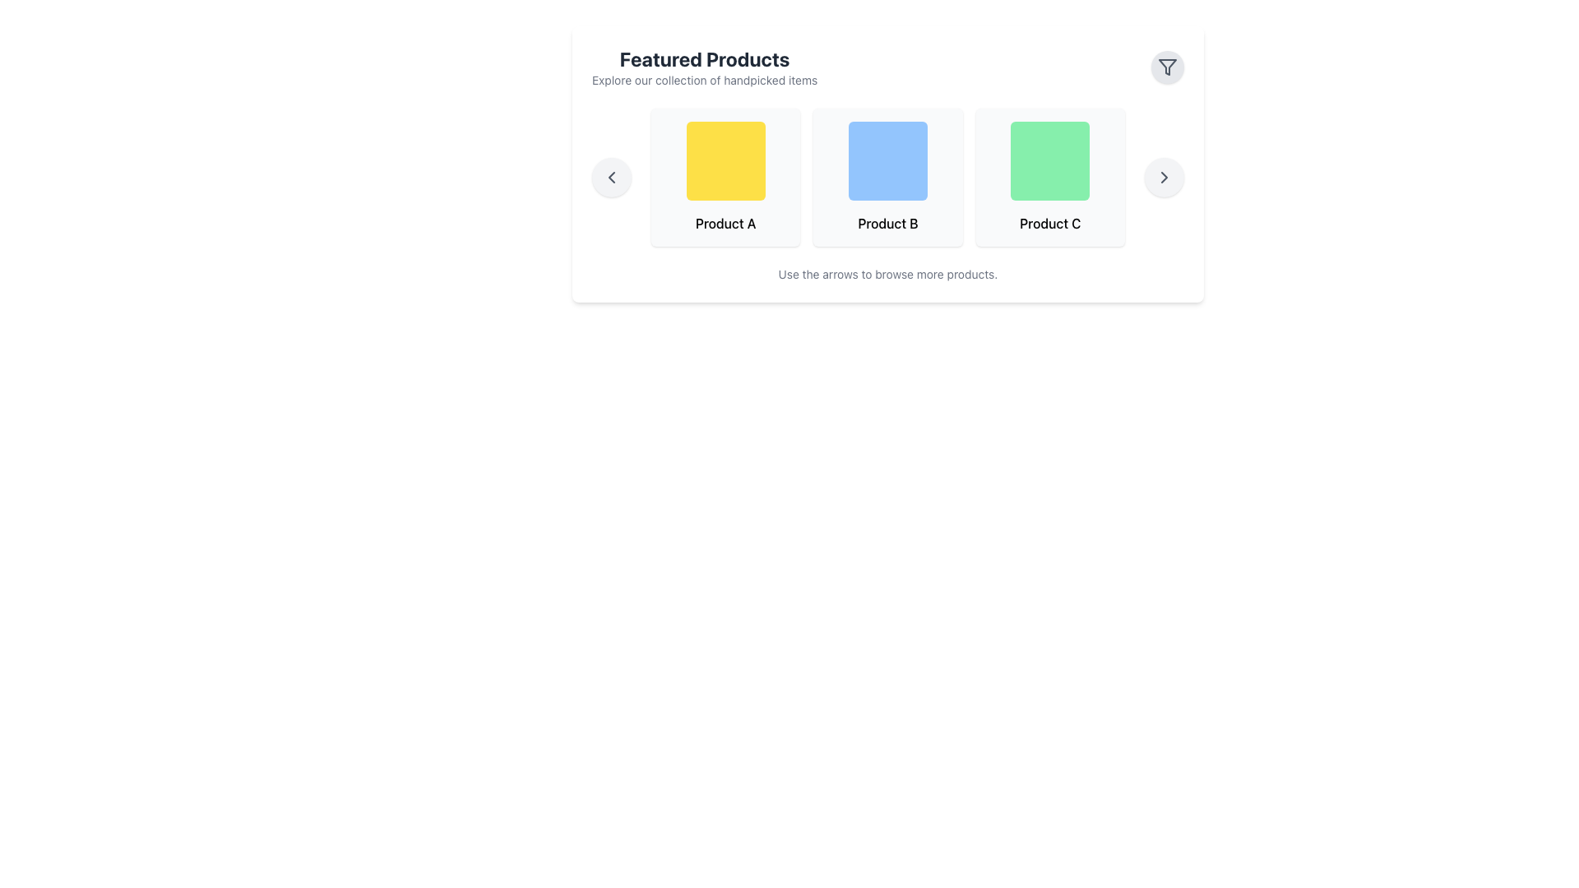 This screenshot has width=1579, height=888. I want to click on the filtering tool icon located in the top-right corner of the interface, so click(1167, 66).